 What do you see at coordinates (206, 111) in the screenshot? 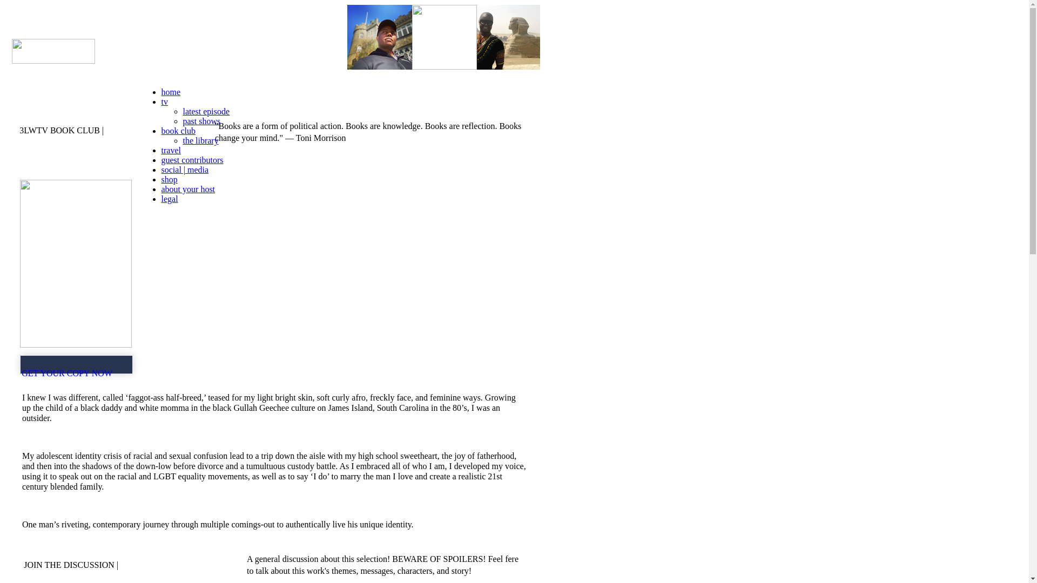
I see `'latest episode'` at bounding box center [206, 111].